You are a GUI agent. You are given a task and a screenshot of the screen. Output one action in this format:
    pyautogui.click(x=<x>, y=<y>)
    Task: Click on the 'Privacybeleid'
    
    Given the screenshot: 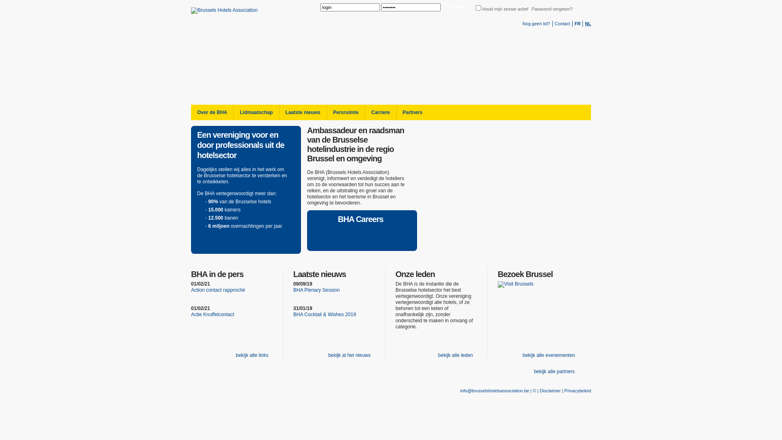 What is the action you would take?
    pyautogui.click(x=577, y=390)
    